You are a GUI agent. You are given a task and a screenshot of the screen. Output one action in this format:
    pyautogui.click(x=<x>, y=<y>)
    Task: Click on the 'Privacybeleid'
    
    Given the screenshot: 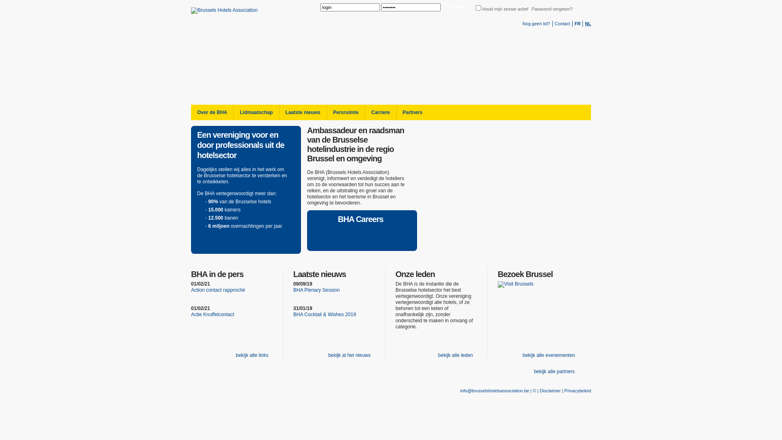 What is the action you would take?
    pyautogui.click(x=577, y=390)
    